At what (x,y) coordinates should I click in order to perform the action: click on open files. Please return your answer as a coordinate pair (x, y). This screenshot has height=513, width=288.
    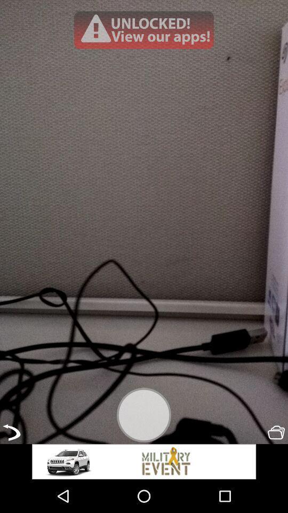
    Looking at the image, I should click on (276, 432).